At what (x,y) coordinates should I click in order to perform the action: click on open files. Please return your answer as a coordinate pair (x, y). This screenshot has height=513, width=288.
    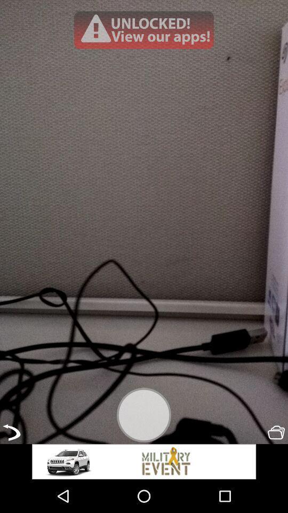
    Looking at the image, I should click on (276, 432).